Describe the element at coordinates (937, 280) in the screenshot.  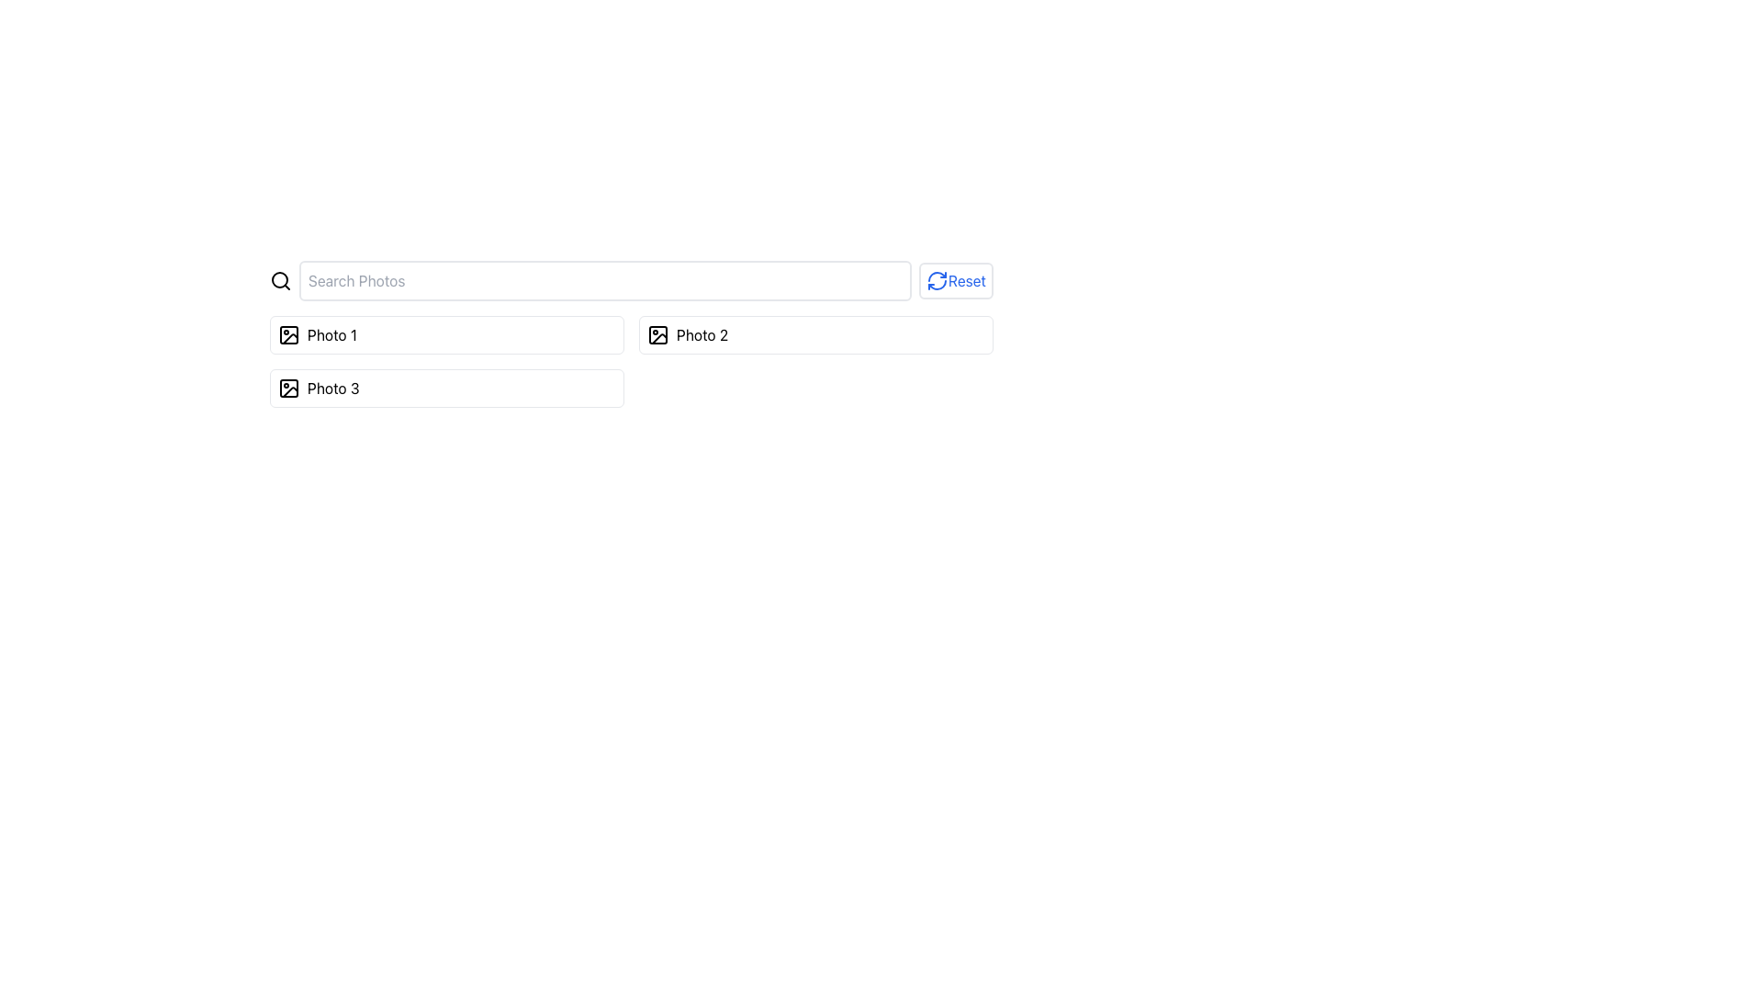
I see `the blue circular arrow icon located in the upper-right corner of the 'Reset' button` at that location.